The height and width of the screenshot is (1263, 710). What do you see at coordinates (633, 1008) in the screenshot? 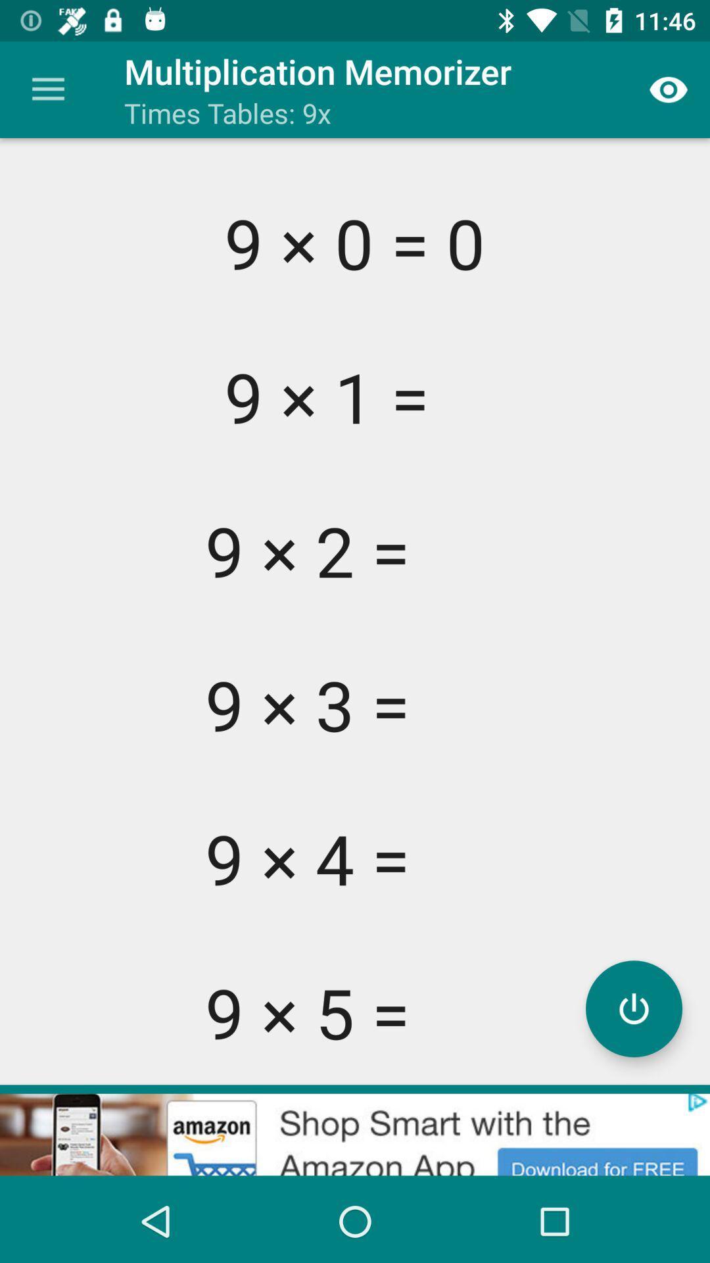
I see `the power icon` at bounding box center [633, 1008].